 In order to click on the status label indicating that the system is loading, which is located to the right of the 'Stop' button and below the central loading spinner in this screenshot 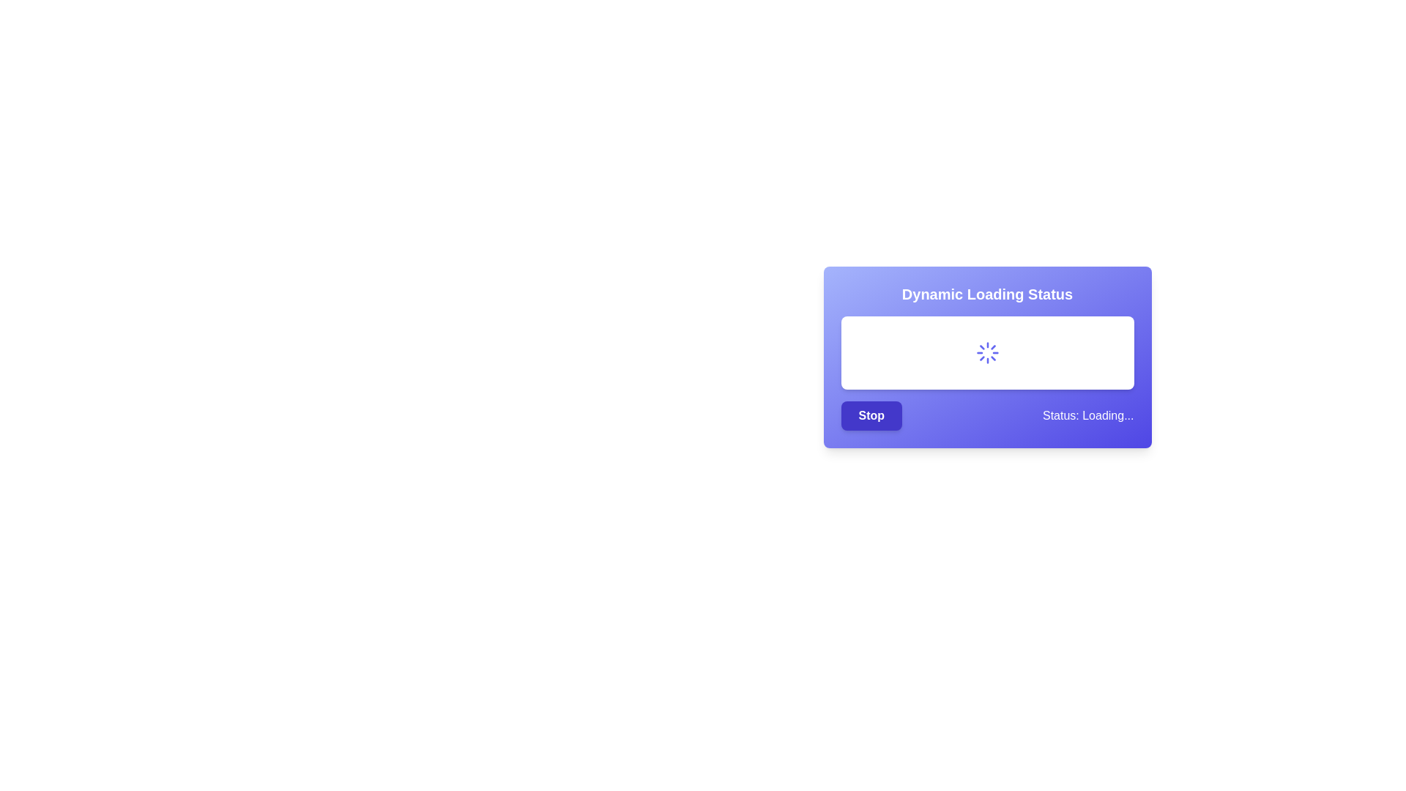, I will do `click(1088, 415)`.